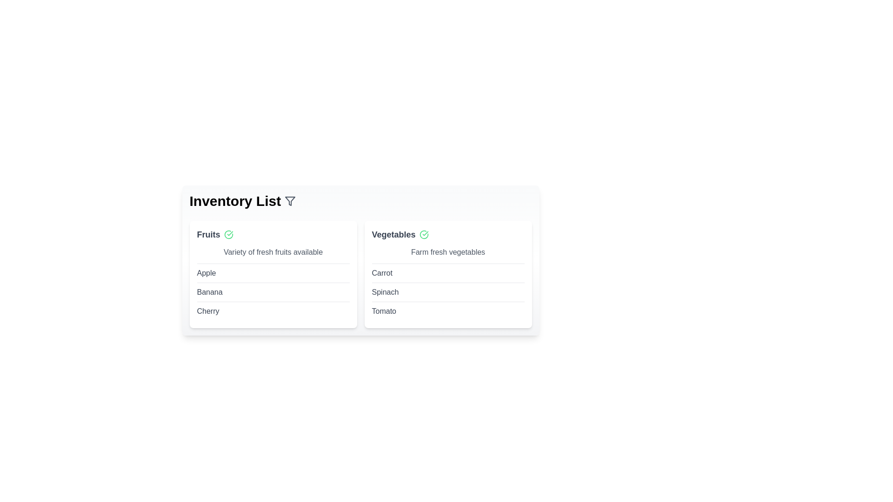 This screenshot has width=893, height=502. I want to click on the item Apple in the inventory, so click(206, 272).